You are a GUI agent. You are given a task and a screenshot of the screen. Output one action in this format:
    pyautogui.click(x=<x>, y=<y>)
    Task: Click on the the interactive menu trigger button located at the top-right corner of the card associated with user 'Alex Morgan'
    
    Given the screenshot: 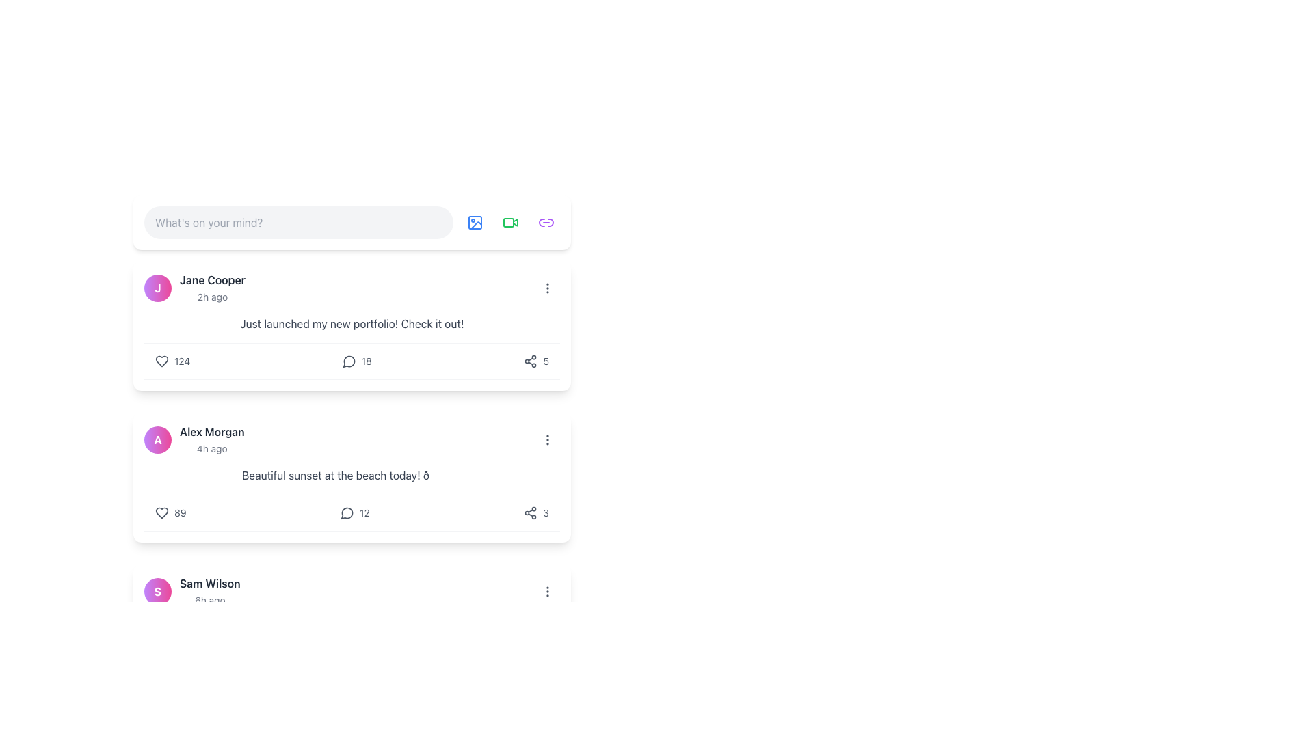 What is the action you would take?
    pyautogui.click(x=548, y=440)
    